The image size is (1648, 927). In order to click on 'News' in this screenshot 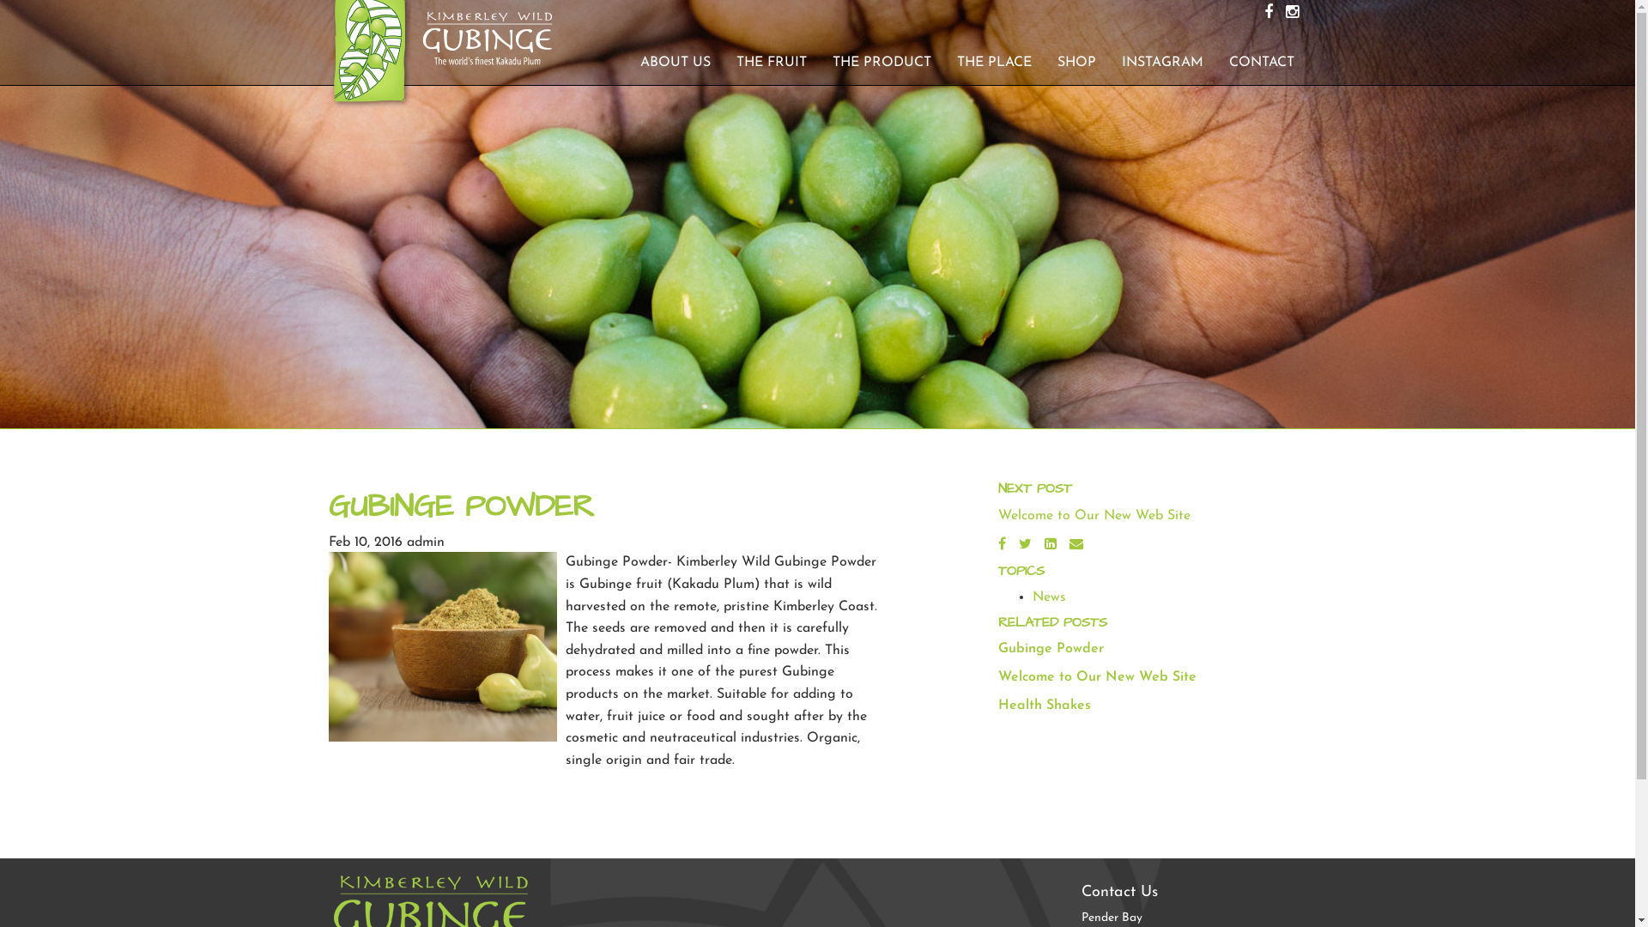, I will do `click(1047, 596)`.